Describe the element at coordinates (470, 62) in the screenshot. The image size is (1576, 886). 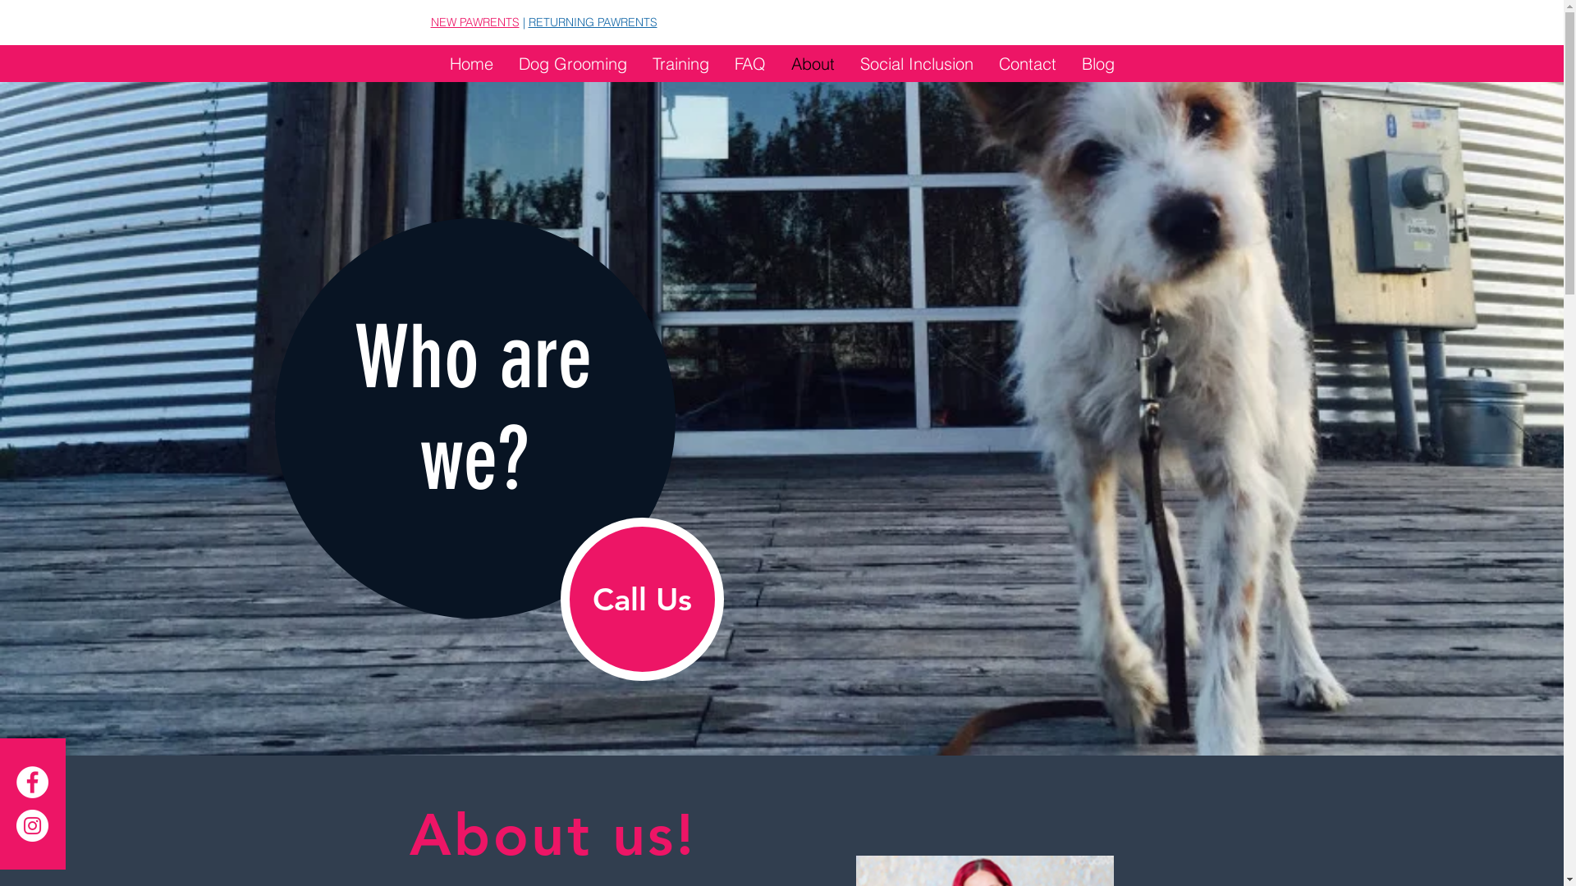
I see `'Home'` at that location.